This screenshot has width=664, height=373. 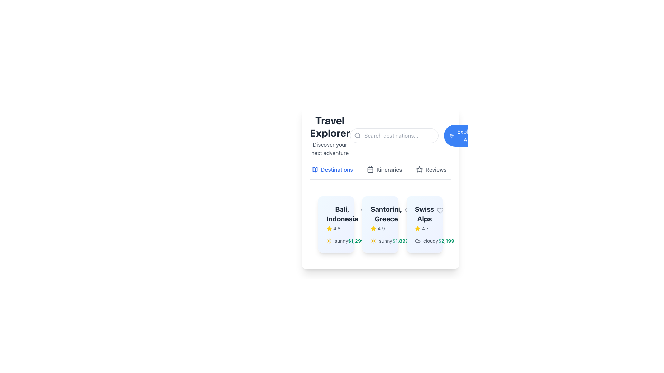 What do you see at coordinates (332, 178) in the screenshot?
I see `the selection indicator that visually emphasizes 'Destinations' as the active tab, located directly beneath the 'Destinations' label in the navigation menu` at bounding box center [332, 178].